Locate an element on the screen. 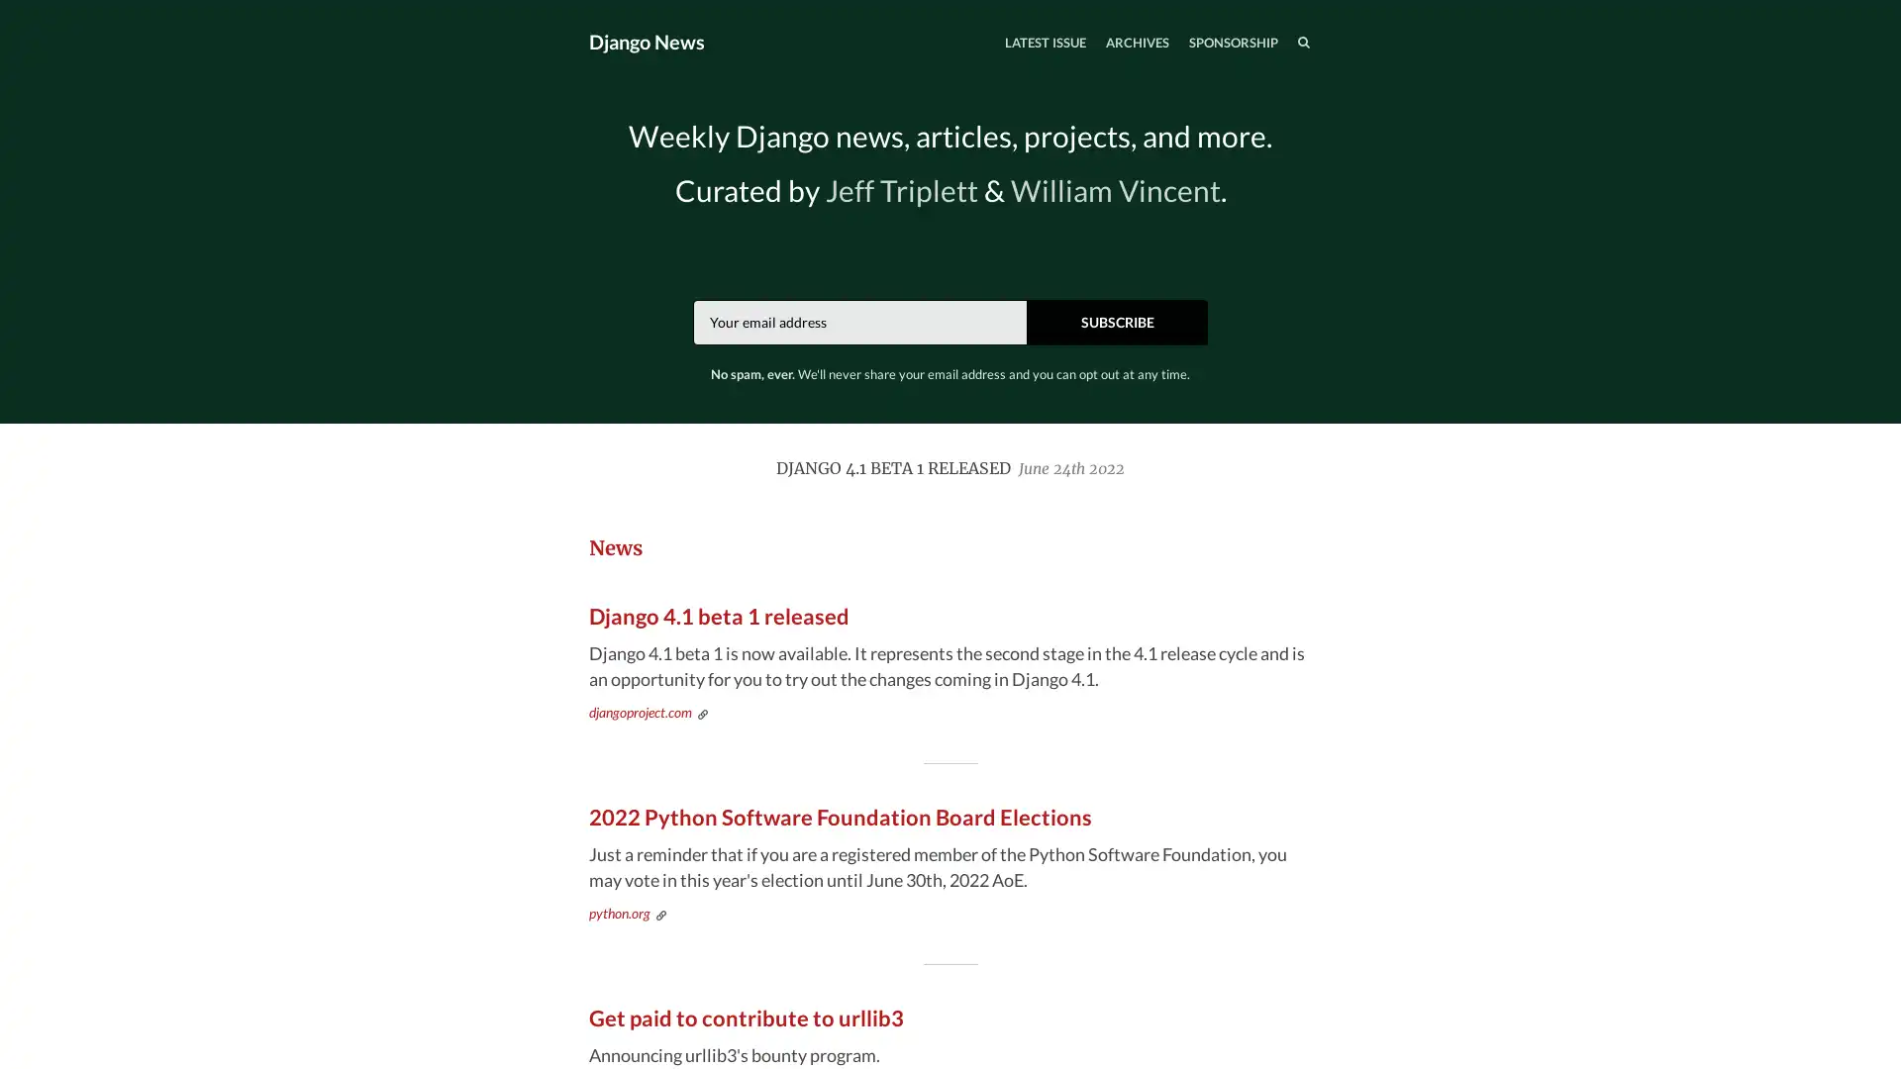  TOGGLE MENU is located at coordinates (592, 4).